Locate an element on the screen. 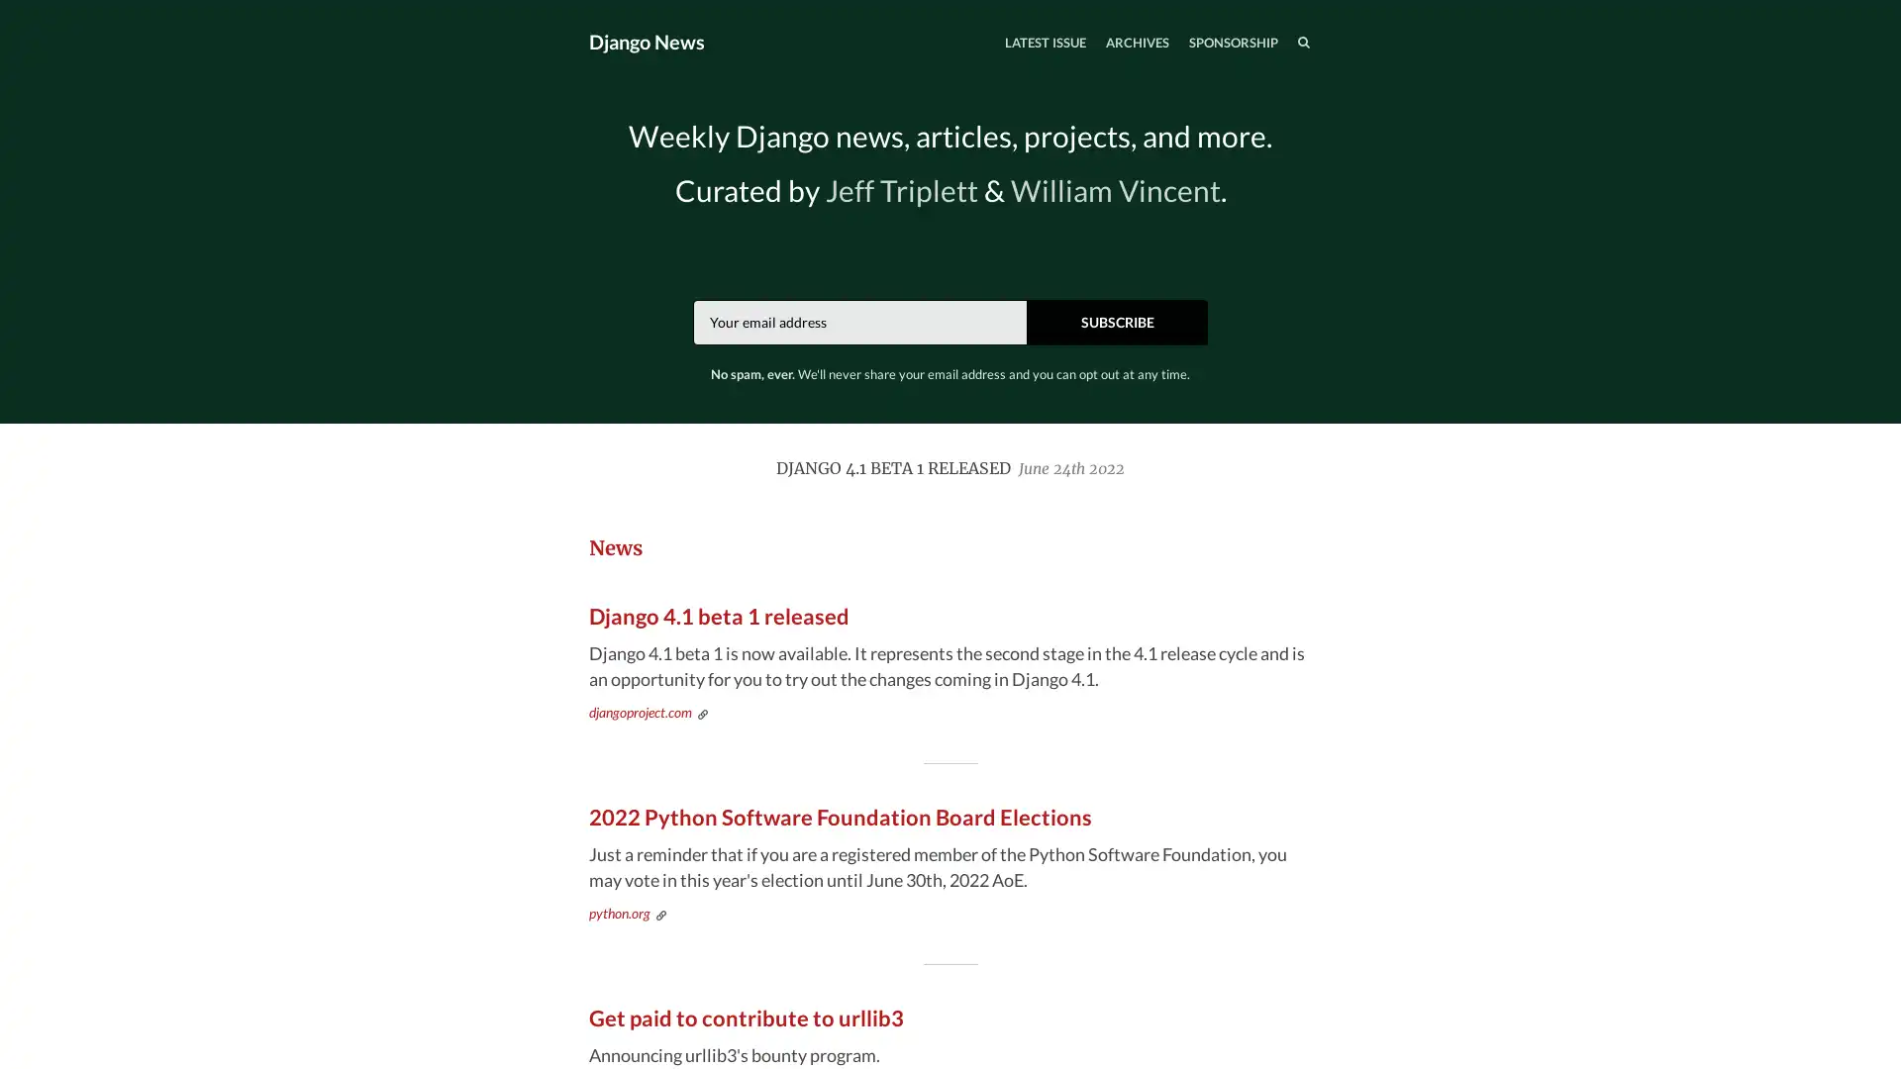  TOGGLE MENU is located at coordinates (592, 4).